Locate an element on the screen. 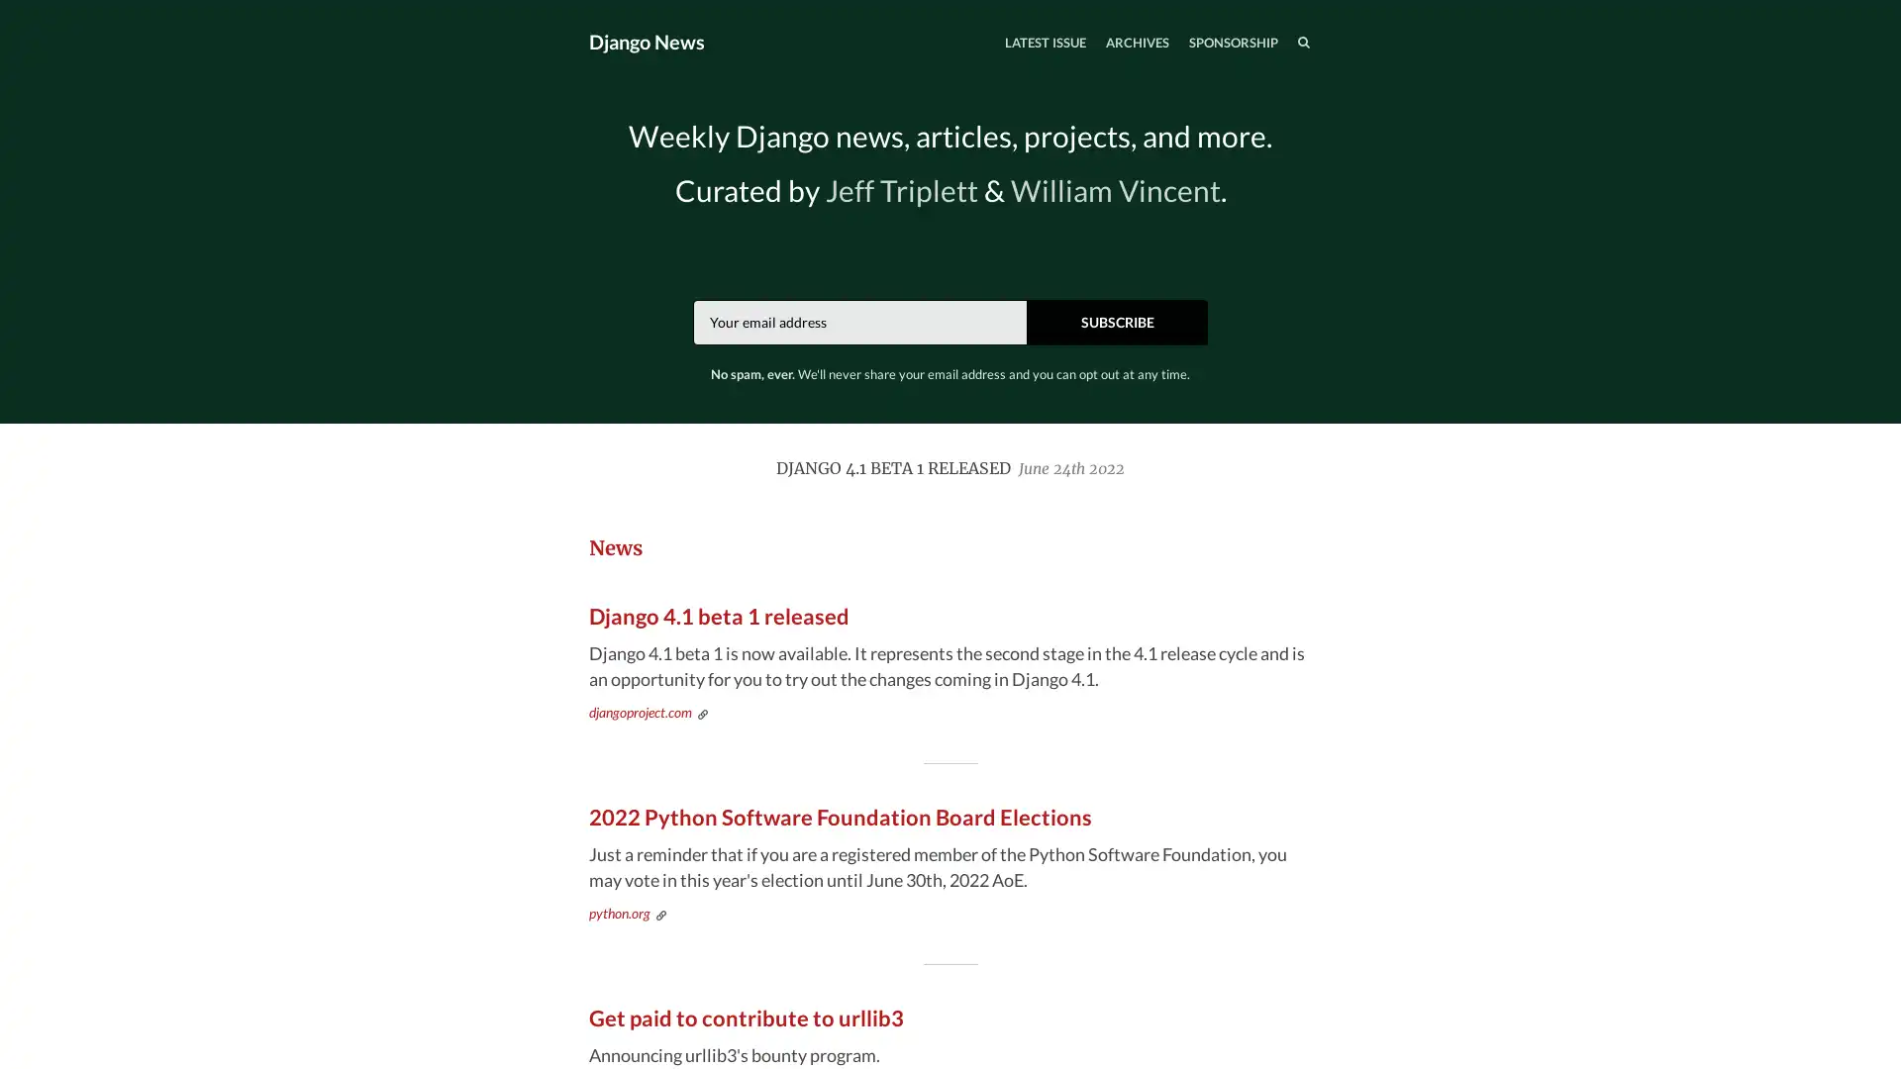  TOGGLE MENU is located at coordinates (592, 4).